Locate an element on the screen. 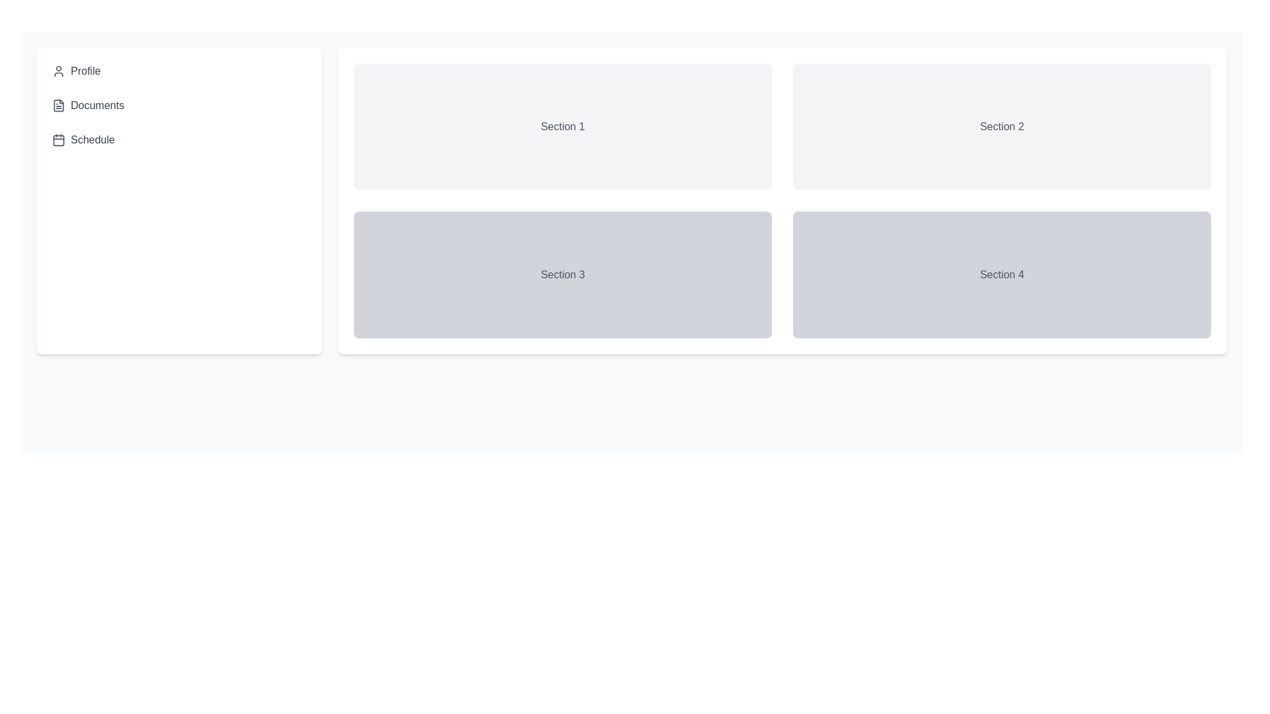  the 'Profile' text label displayed in gray font within the sidebar, which is the first text label in its group following a user silhouette icon is located at coordinates (85, 71).